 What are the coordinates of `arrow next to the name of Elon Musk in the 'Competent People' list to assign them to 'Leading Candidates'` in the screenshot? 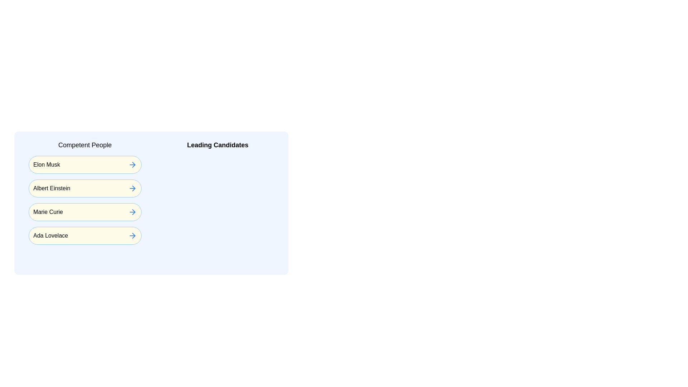 It's located at (132, 164).